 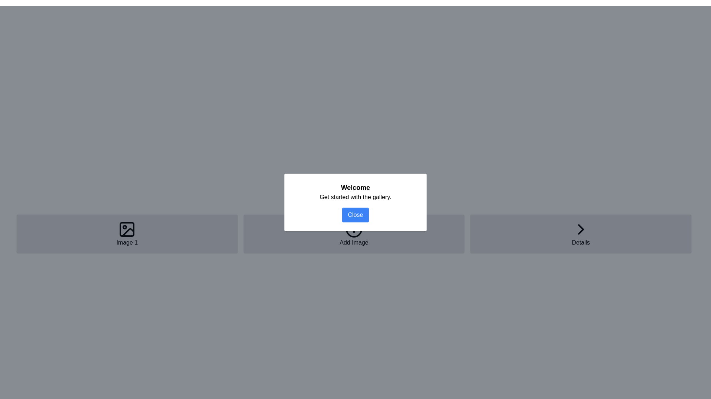 I want to click on the static text heading of the modal dialog, which is located at the center-top position of the white rectangular modal overlay, above the text 'Get started with the gallery.' and the 'Close' button, so click(x=355, y=187).